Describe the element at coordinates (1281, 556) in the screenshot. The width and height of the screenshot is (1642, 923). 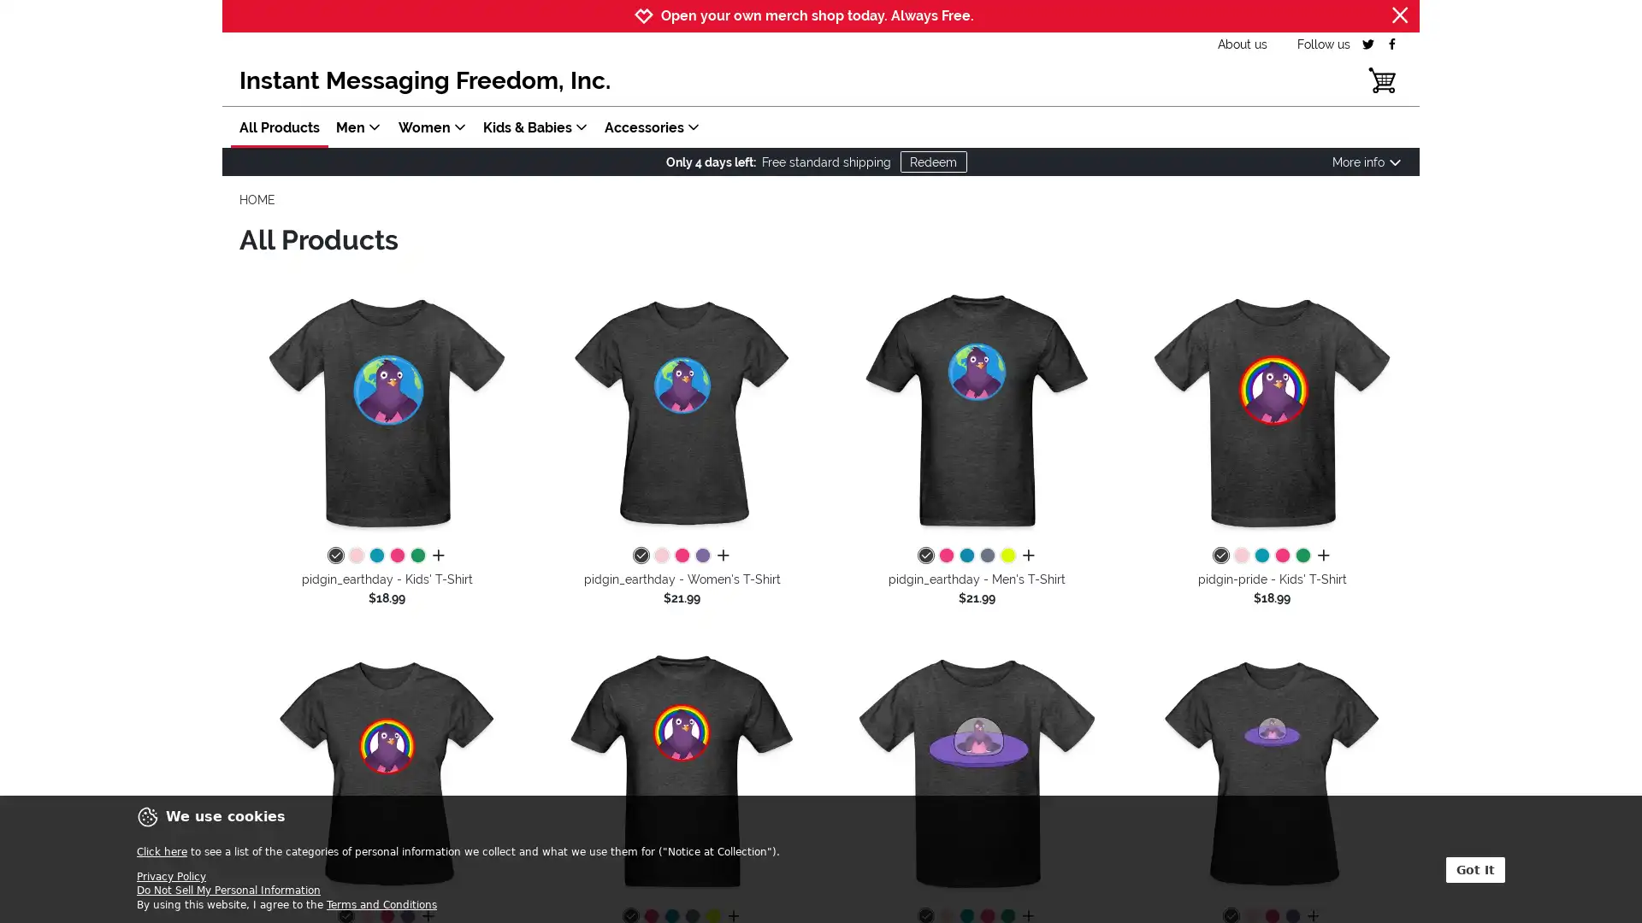
I see `fuchsia` at that location.